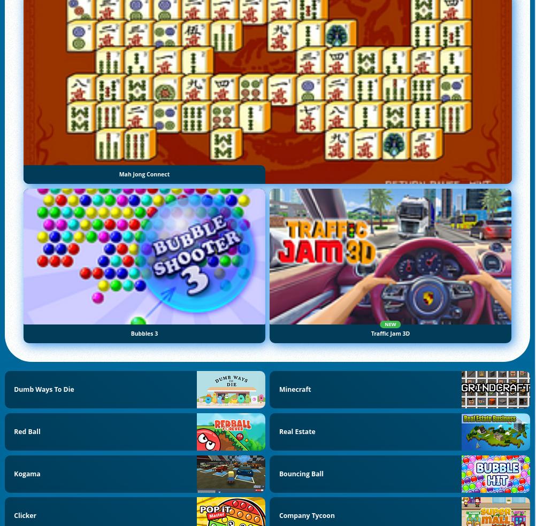 This screenshot has height=526, width=536. Describe the element at coordinates (143, 173) in the screenshot. I see `'Mah Jong Connect'` at that location.